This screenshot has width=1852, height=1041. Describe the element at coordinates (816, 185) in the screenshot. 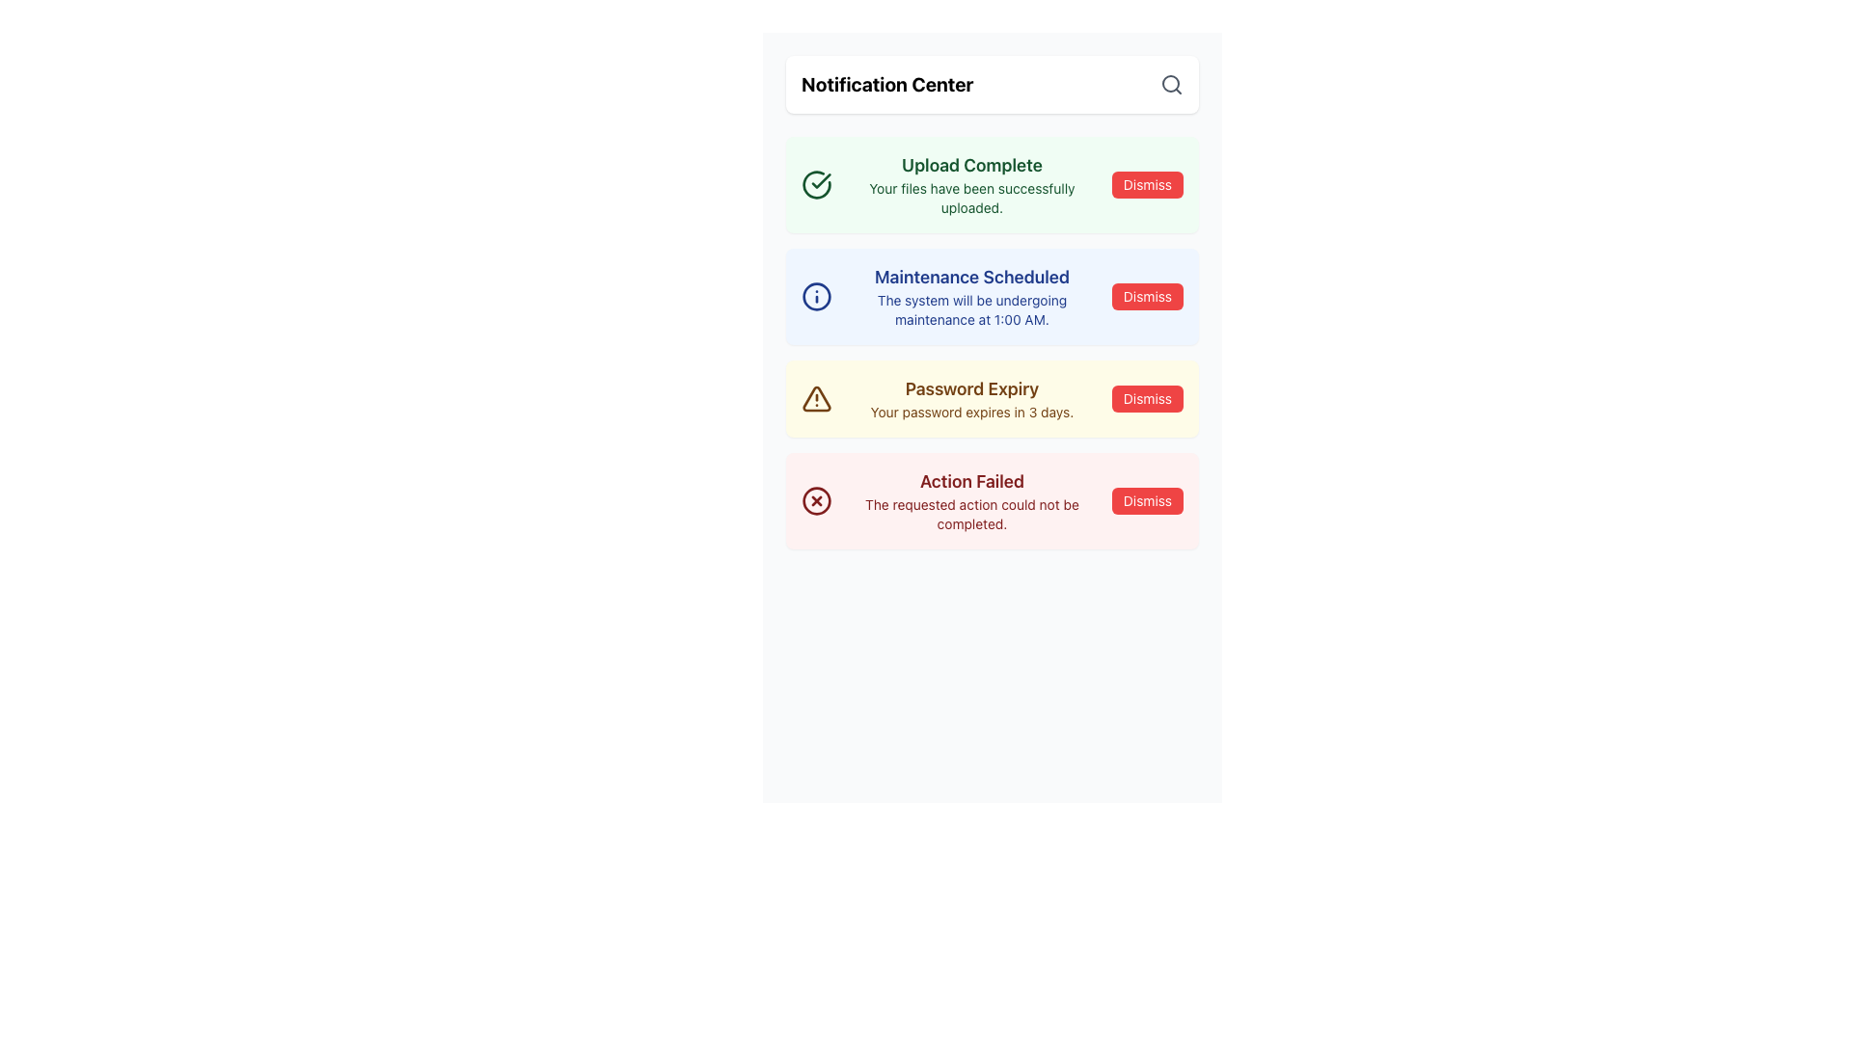

I see `the checkmark icon enclosed within a circular green border, which indicates completion and is part of the 'Upload Complete' notification card` at that location.